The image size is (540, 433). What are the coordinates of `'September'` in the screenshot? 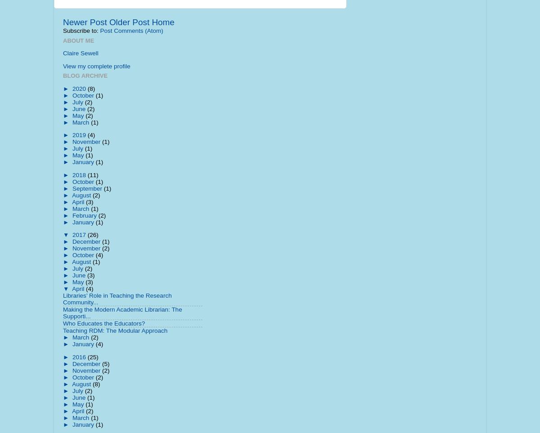 It's located at (87, 188).